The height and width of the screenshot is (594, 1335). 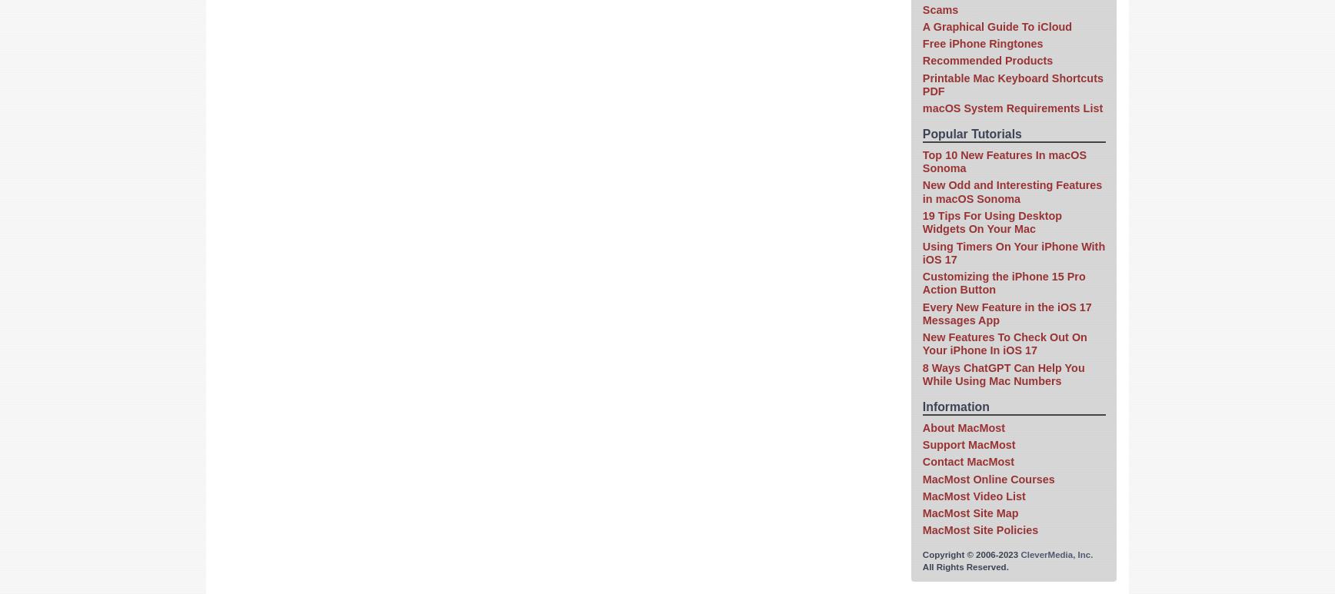 I want to click on 'New Features To Check Out On Your iPhone In iOS 17', so click(x=1004, y=343).